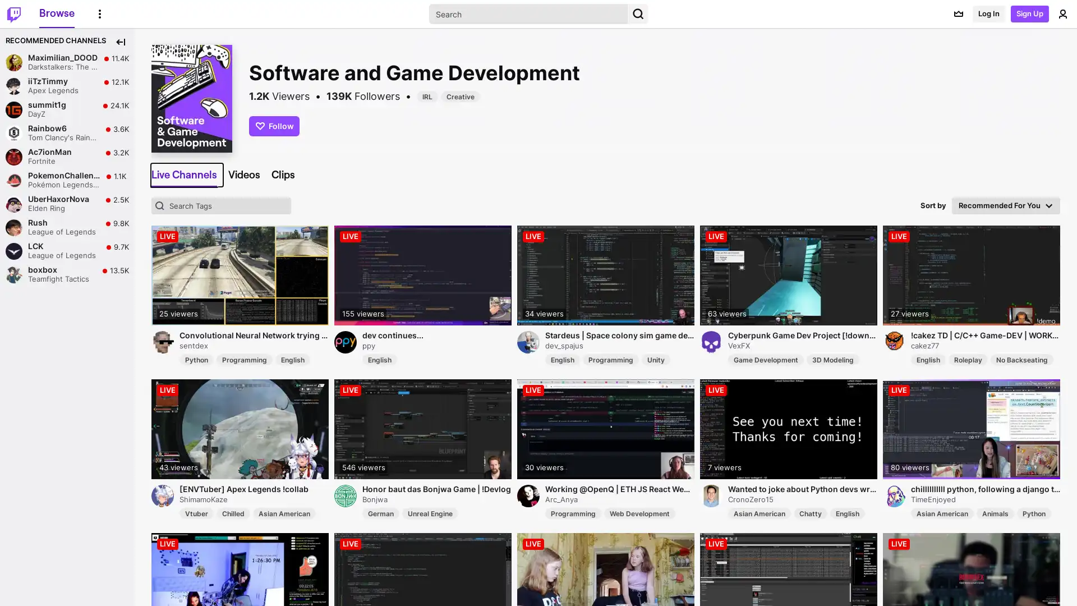 This screenshot has width=1077, height=606. Describe the element at coordinates (1062, 13) in the screenshot. I see `User Menu` at that location.